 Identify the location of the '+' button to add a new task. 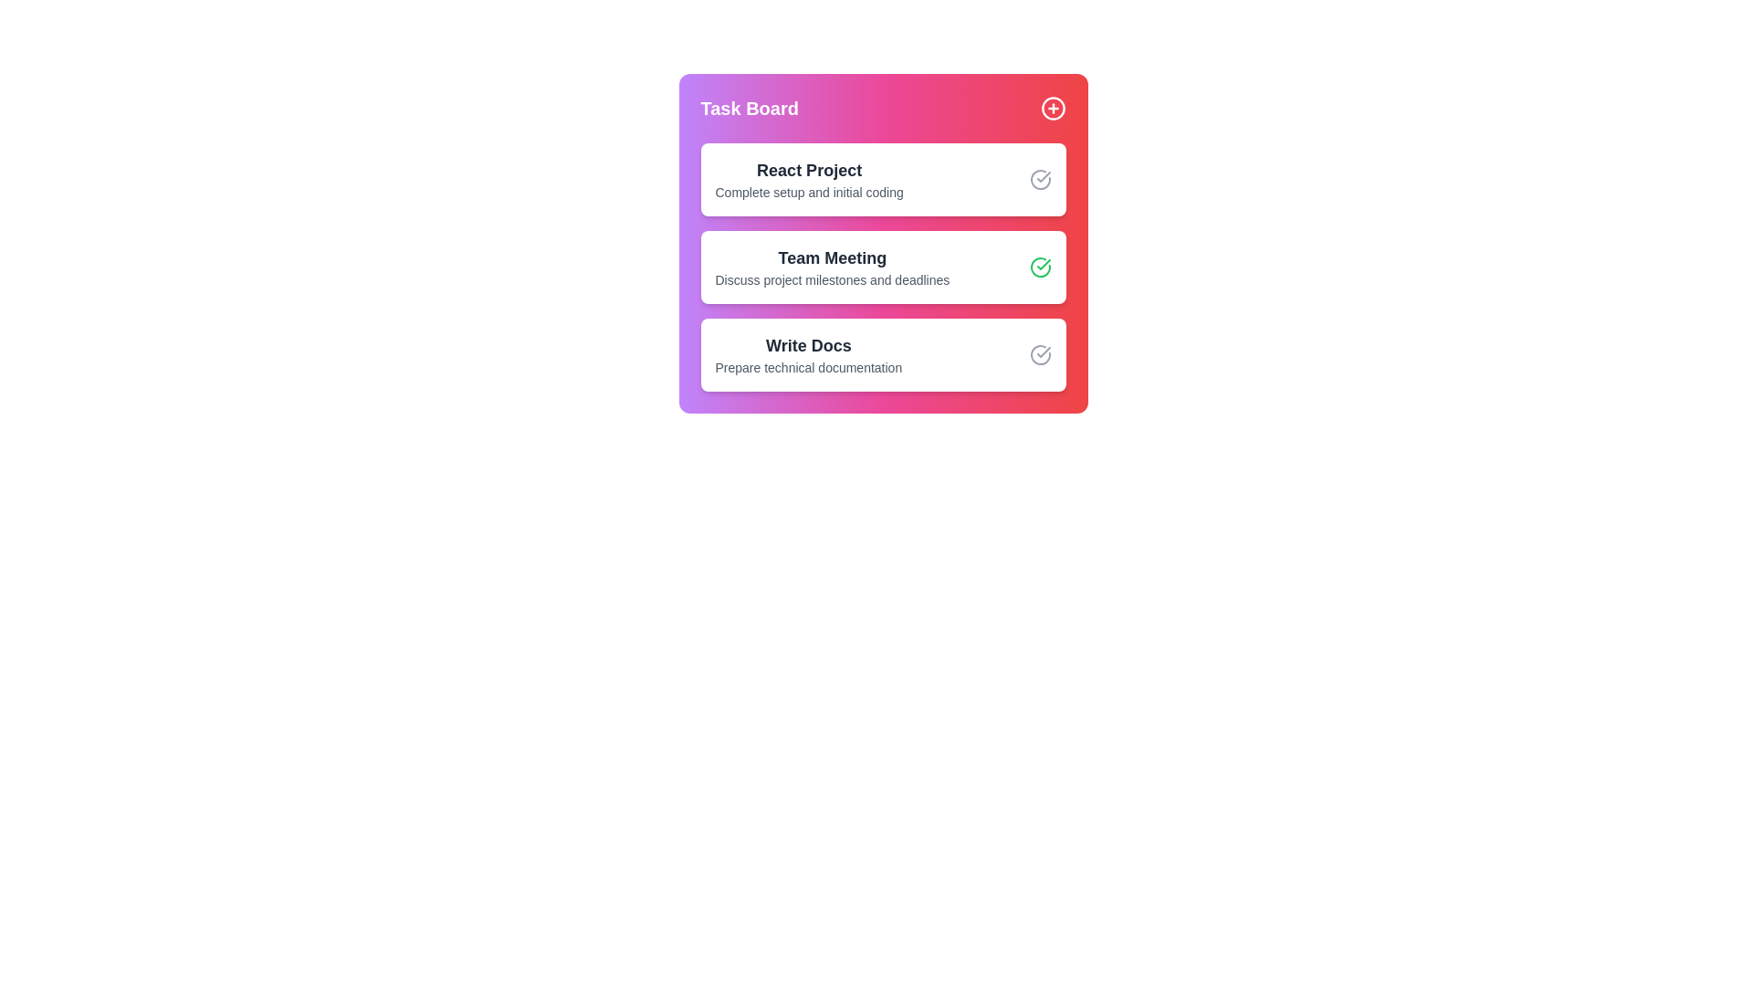
(1053, 109).